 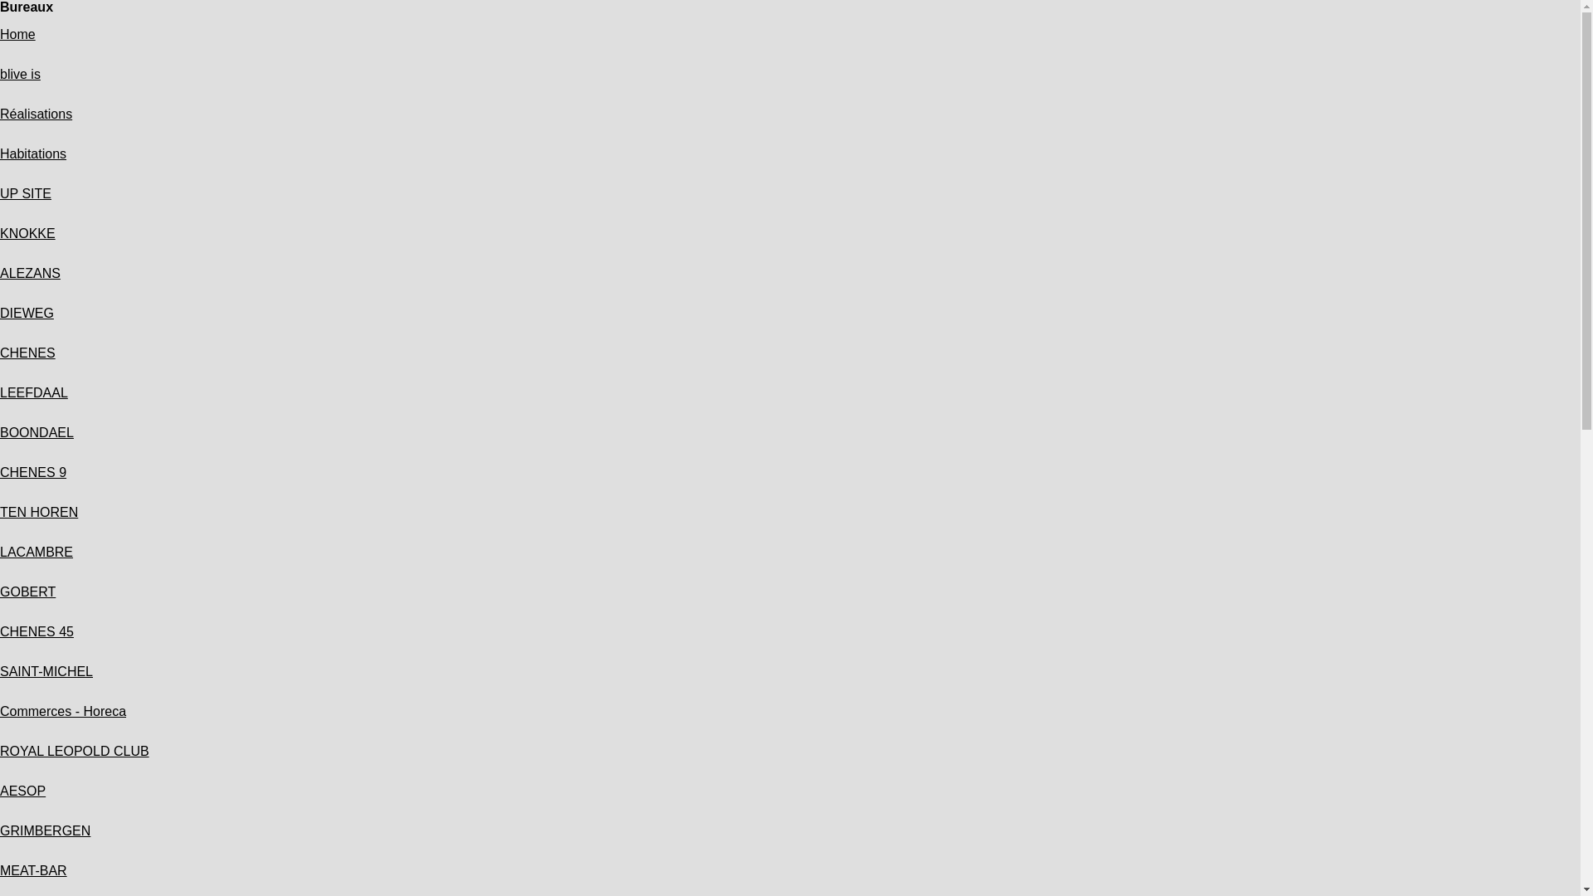 What do you see at coordinates (32, 472) in the screenshot?
I see `'CHENES 9'` at bounding box center [32, 472].